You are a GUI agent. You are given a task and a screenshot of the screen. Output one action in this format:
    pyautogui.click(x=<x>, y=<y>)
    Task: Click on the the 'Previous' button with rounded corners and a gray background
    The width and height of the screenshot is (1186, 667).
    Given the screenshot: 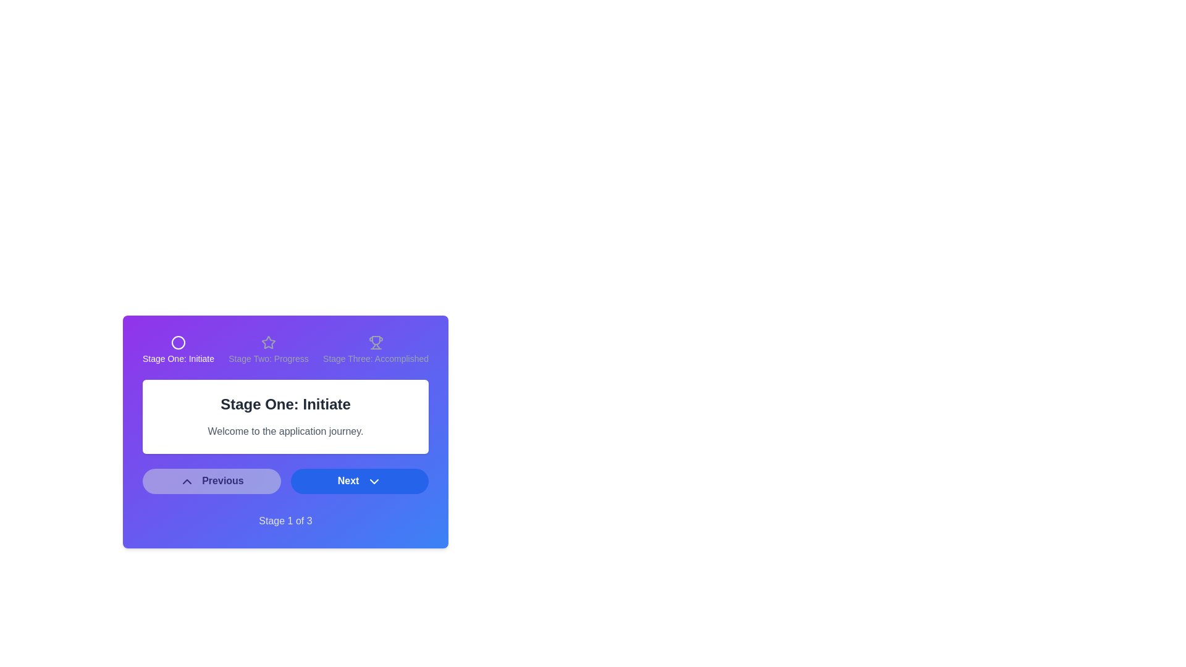 What is the action you would take?
    pyautogui.click(x=211, y=480)
    